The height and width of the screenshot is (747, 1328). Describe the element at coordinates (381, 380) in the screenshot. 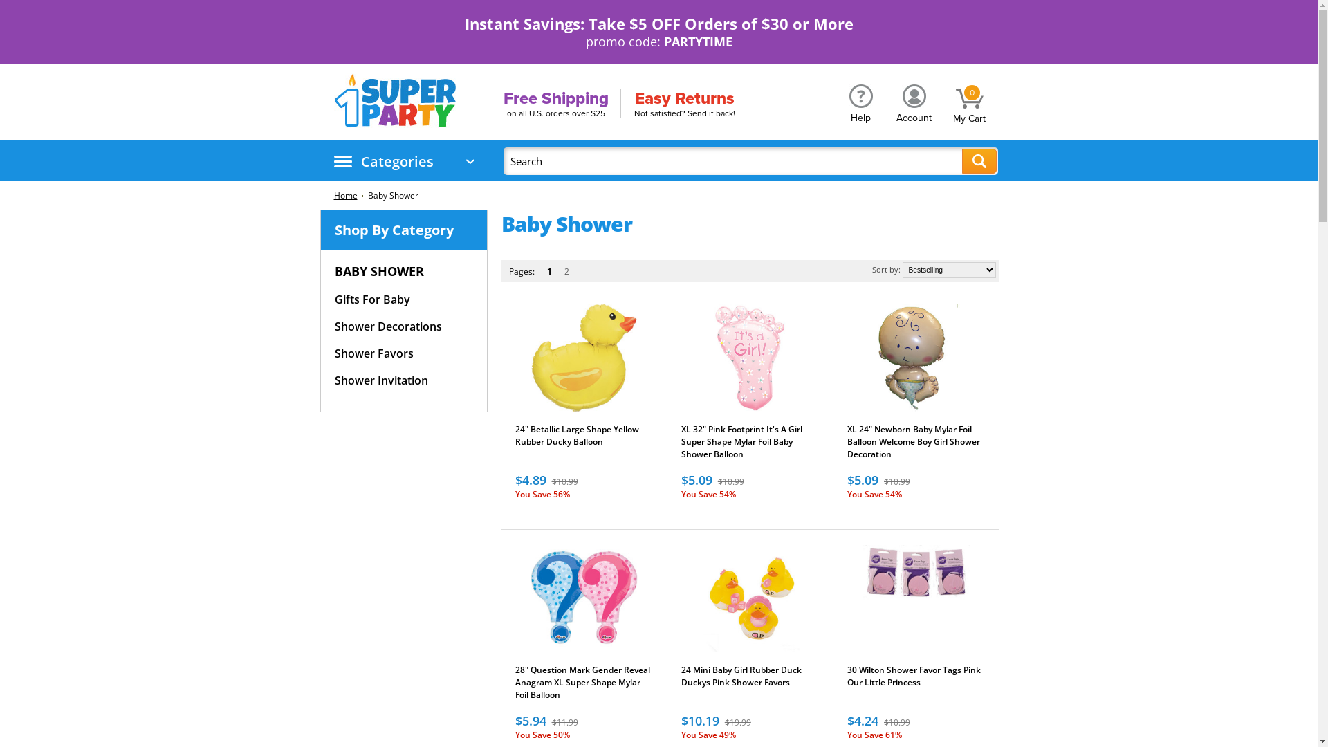

I see `'Shower Invitation'` at that location.